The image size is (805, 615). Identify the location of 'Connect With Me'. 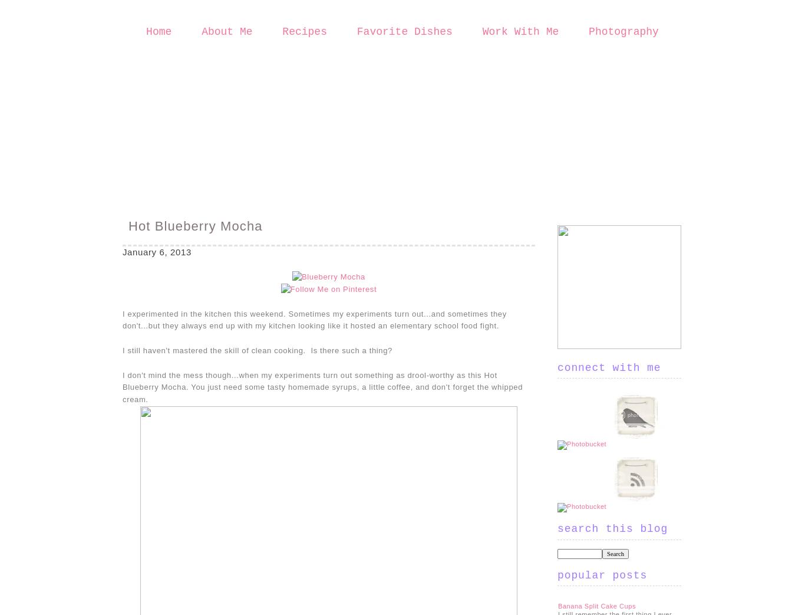
(608, 366).